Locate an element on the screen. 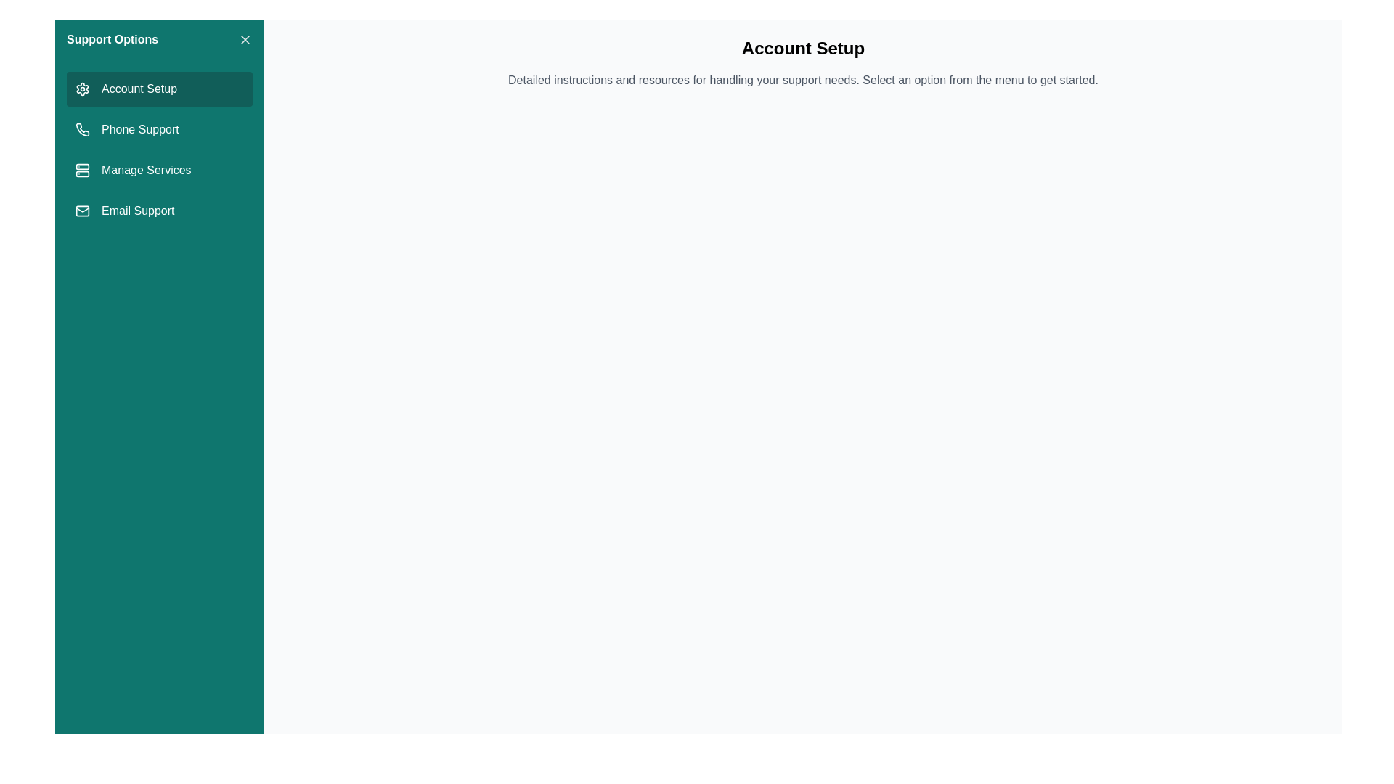  the Text Block that provides guidance or introductory information, located slightly below the 'Account Setup' header and horizontally centered in the interface is located at coordinates (802, 81).